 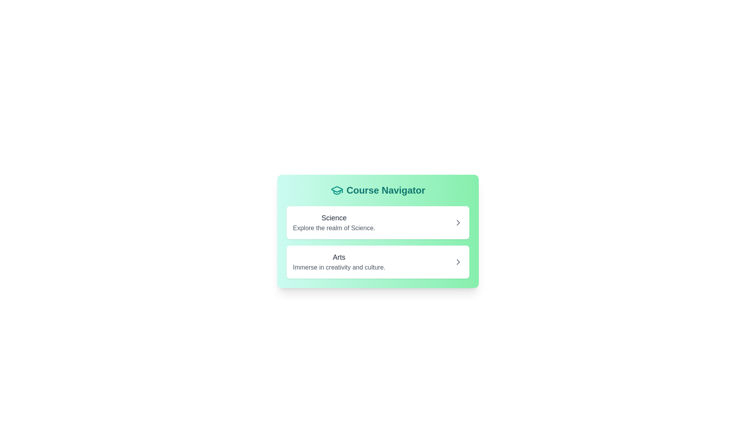 I want to click on the 'Science' text label displayed in bold, medium font size within the green card labeled 'Course Navigator', so click(x=334, y=218).